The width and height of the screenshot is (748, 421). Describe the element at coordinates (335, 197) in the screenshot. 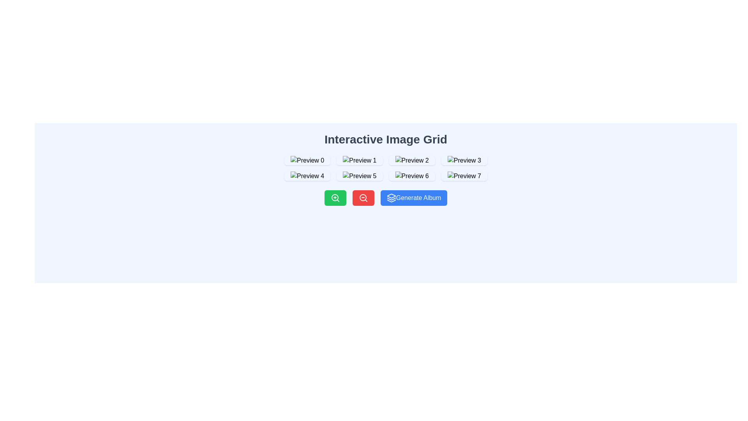

I see `the circular vector graphic representing the zoom-in function, which is part of the green circular toolbar button located in the middle row of the webpage` at that location.